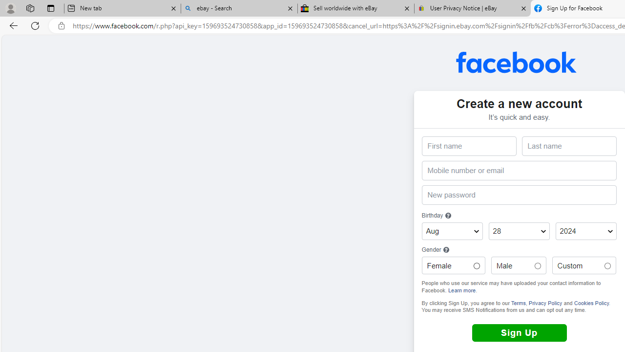 This screenshot has width=625, height=352. Describe the element at coordinates (472, 8) in the screenshot. I see `'User Privacy Notice | eBay'` at that location.